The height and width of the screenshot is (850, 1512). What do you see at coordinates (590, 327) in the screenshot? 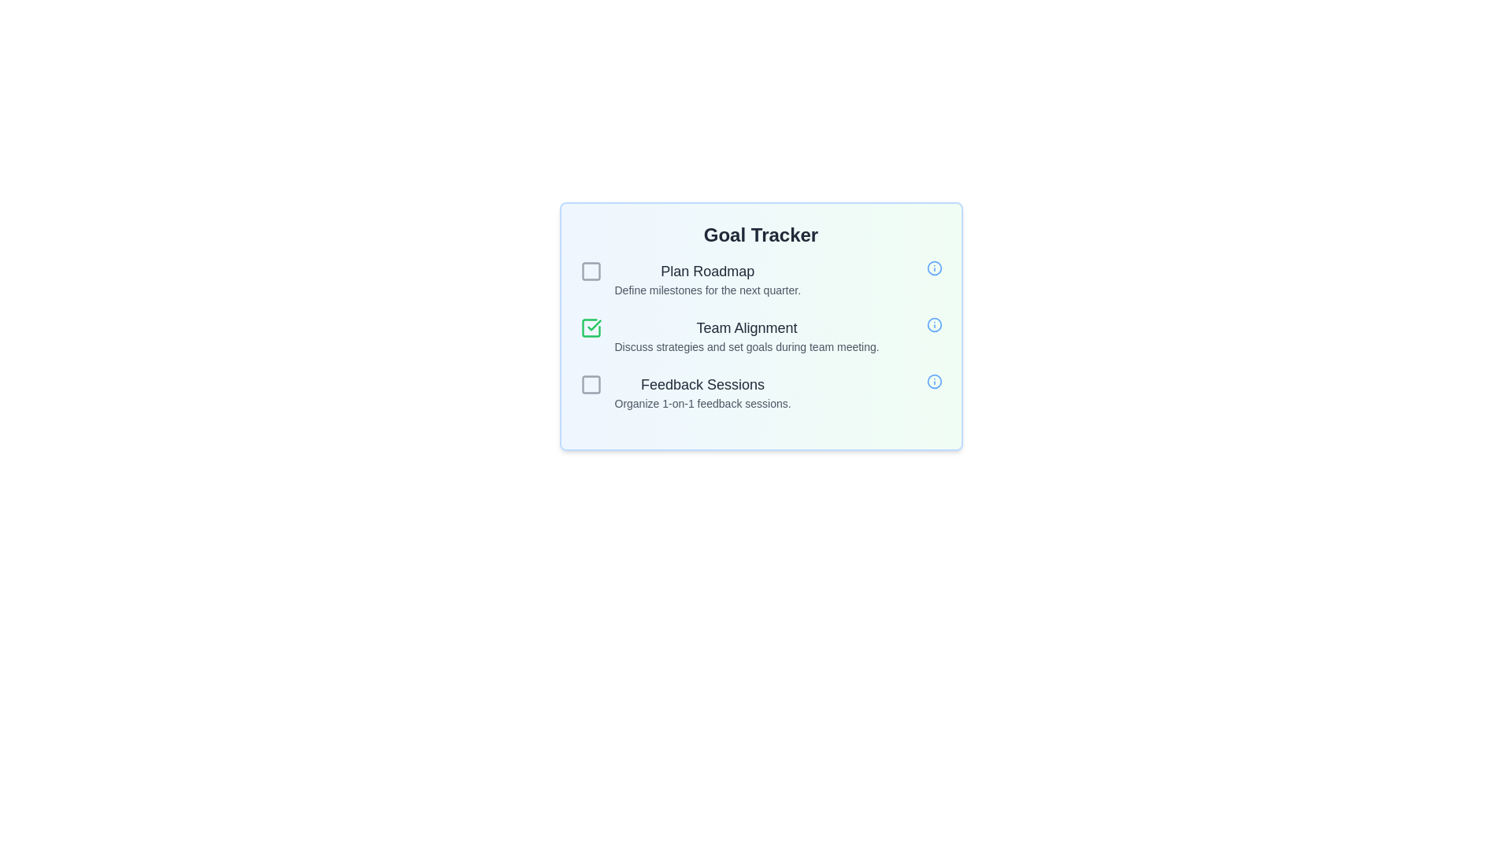
I see `the checkbox element, which is a green-filled square outline with a checkmark, located in front of the 'Team Alignment' text in the second row under the 'Goal Tracker' heading` at bounding box center [590, 327].